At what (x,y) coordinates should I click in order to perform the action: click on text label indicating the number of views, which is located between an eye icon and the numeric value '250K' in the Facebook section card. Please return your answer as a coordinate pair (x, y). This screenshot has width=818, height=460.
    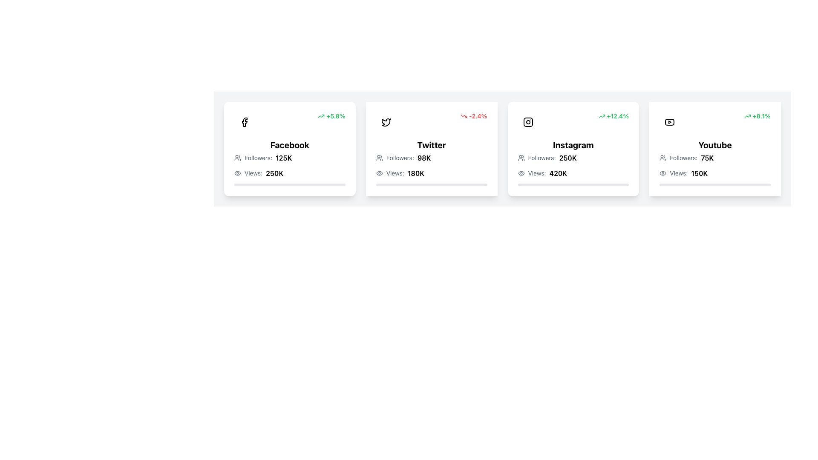
    Looking at the image, I should click on (253, 173).